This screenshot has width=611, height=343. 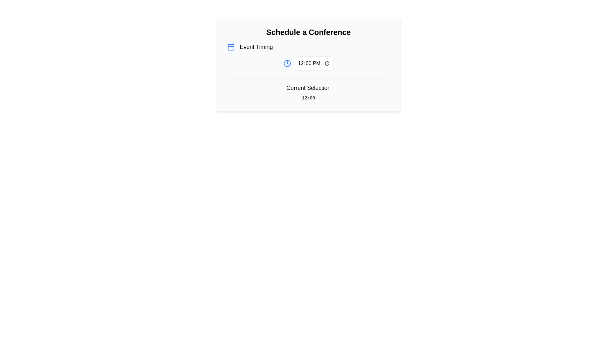 I want to click on the clock icon located to the left of the '12:00 PM' time input field under the 'Event Timing' heading, so click(x=287, y=64).